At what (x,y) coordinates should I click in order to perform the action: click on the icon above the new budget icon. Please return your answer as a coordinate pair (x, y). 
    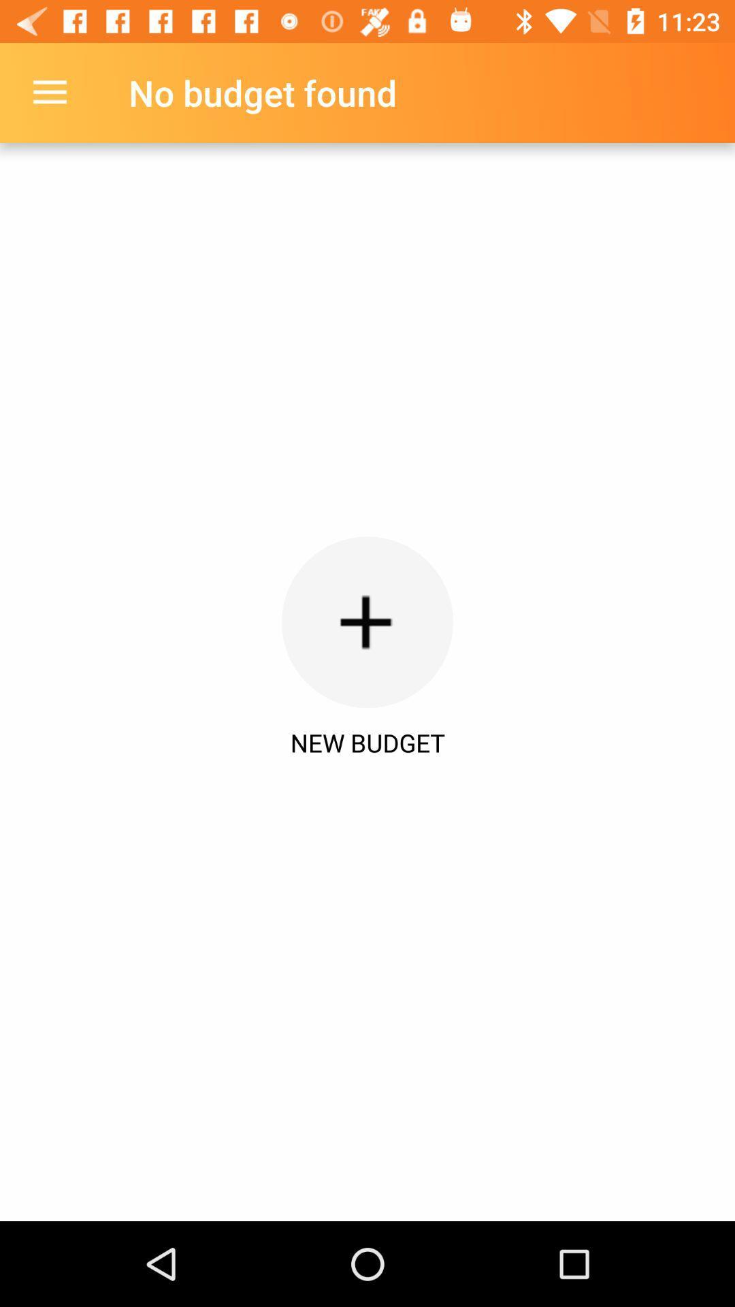
    Looking at the image, I should click on (49, 92).